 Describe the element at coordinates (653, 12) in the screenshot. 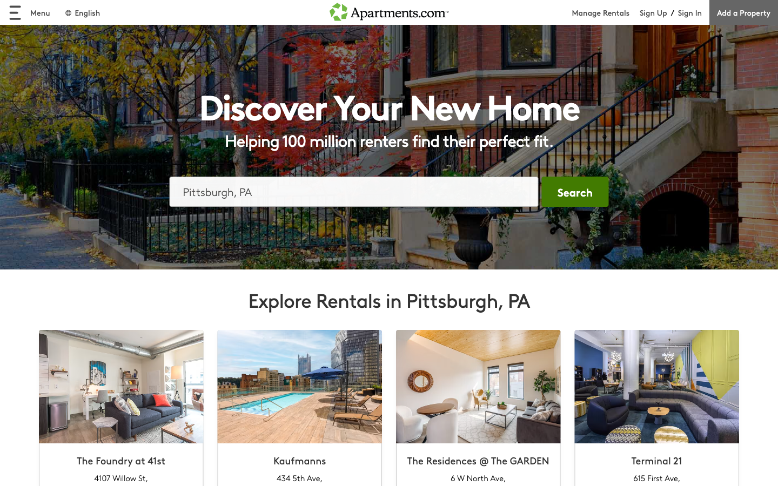

I see `sign up` at that location.